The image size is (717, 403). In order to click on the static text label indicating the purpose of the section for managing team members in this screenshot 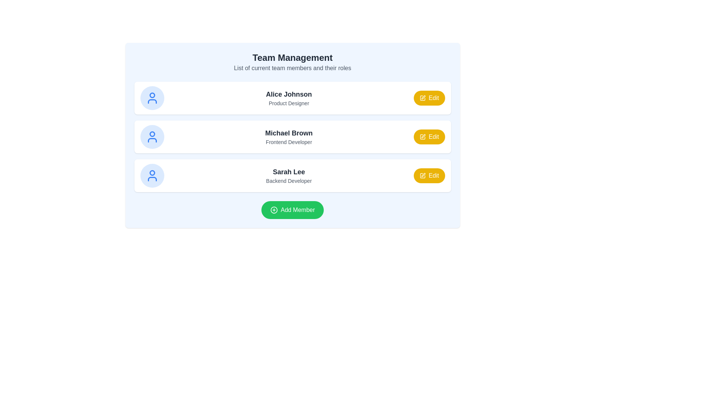, I will do `click(292, 57)`.